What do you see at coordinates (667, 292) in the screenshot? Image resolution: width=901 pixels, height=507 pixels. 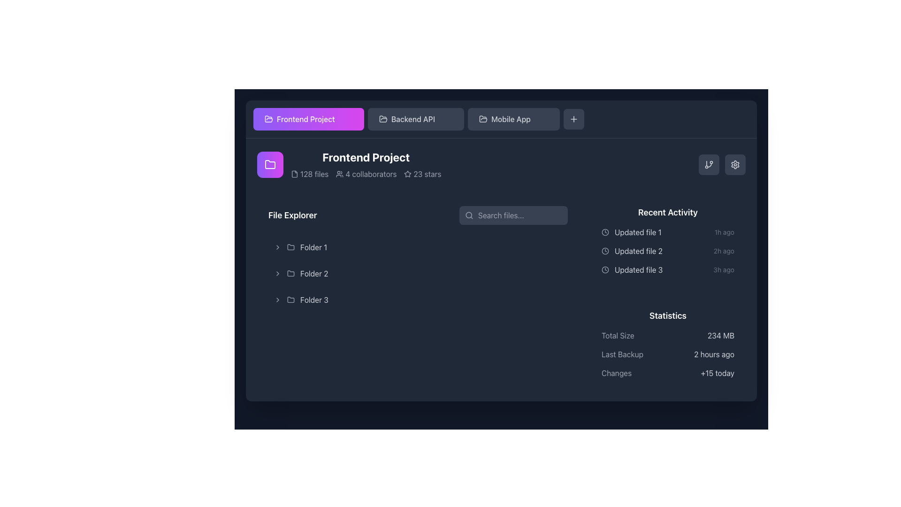 I see `the composite informational panel located in the rightmost column, which displays the 'Recent Activity' and 'Statistics' sections` at bounding box center [667, 292].